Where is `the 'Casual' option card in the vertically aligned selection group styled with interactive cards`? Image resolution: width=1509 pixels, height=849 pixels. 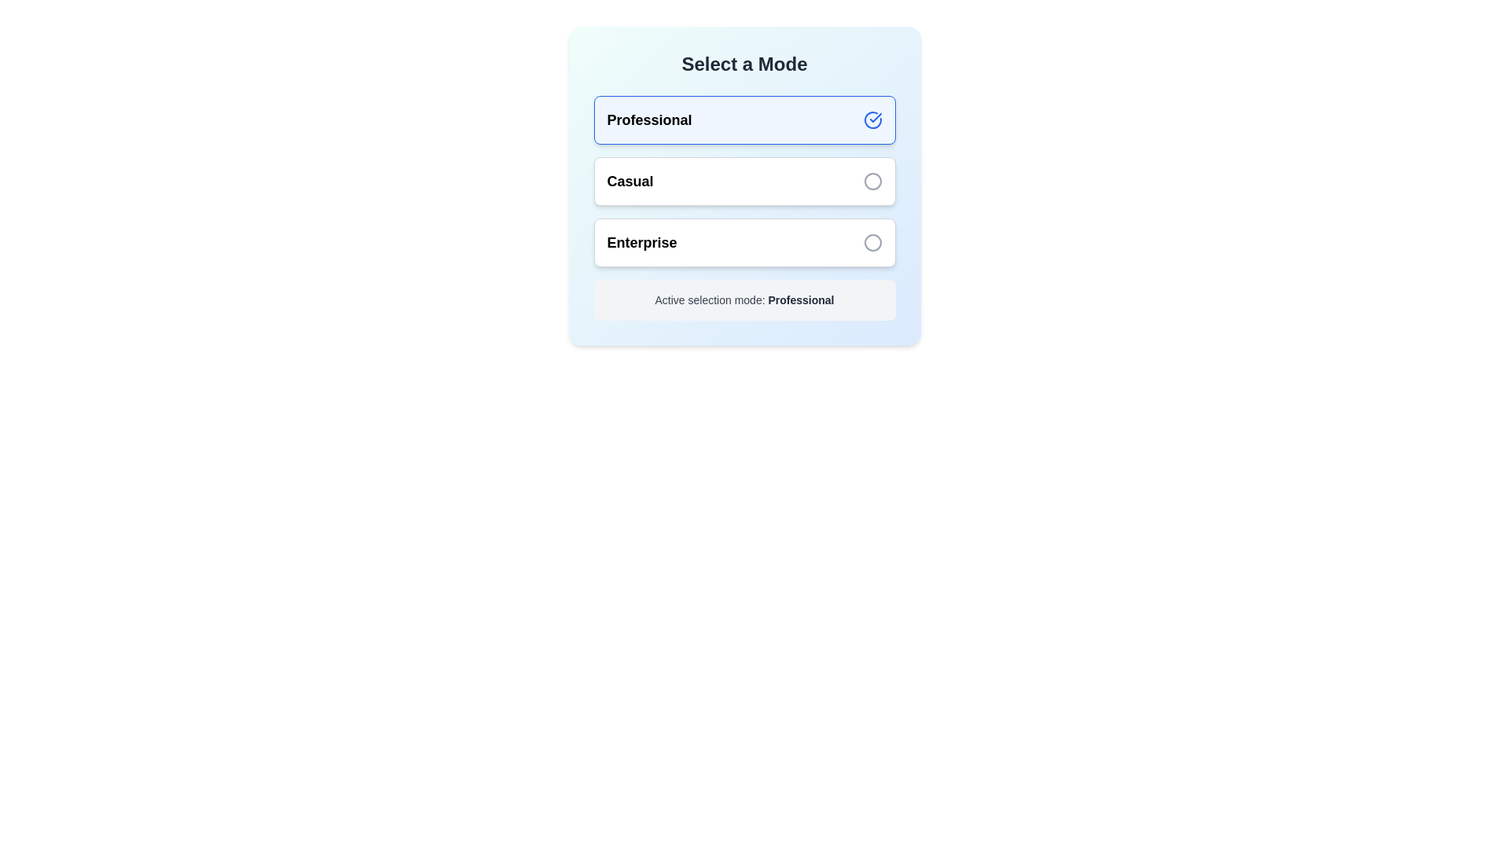 the 'Casual' option card in the vertically aligned selection group styled with interactive cards is located at coordinates (743, 208).